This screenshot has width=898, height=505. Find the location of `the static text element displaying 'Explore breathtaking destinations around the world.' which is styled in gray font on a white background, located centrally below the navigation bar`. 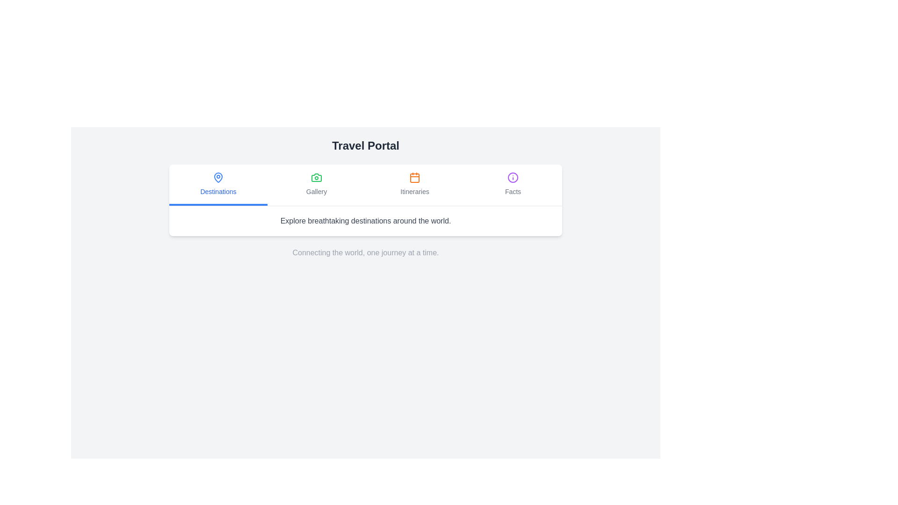

the static text element displaying 'Explore breathtaking destinations around the world.' which is styled in gray font on a white background, located centrally below the navigation bar is located at coordinates (365, 221).